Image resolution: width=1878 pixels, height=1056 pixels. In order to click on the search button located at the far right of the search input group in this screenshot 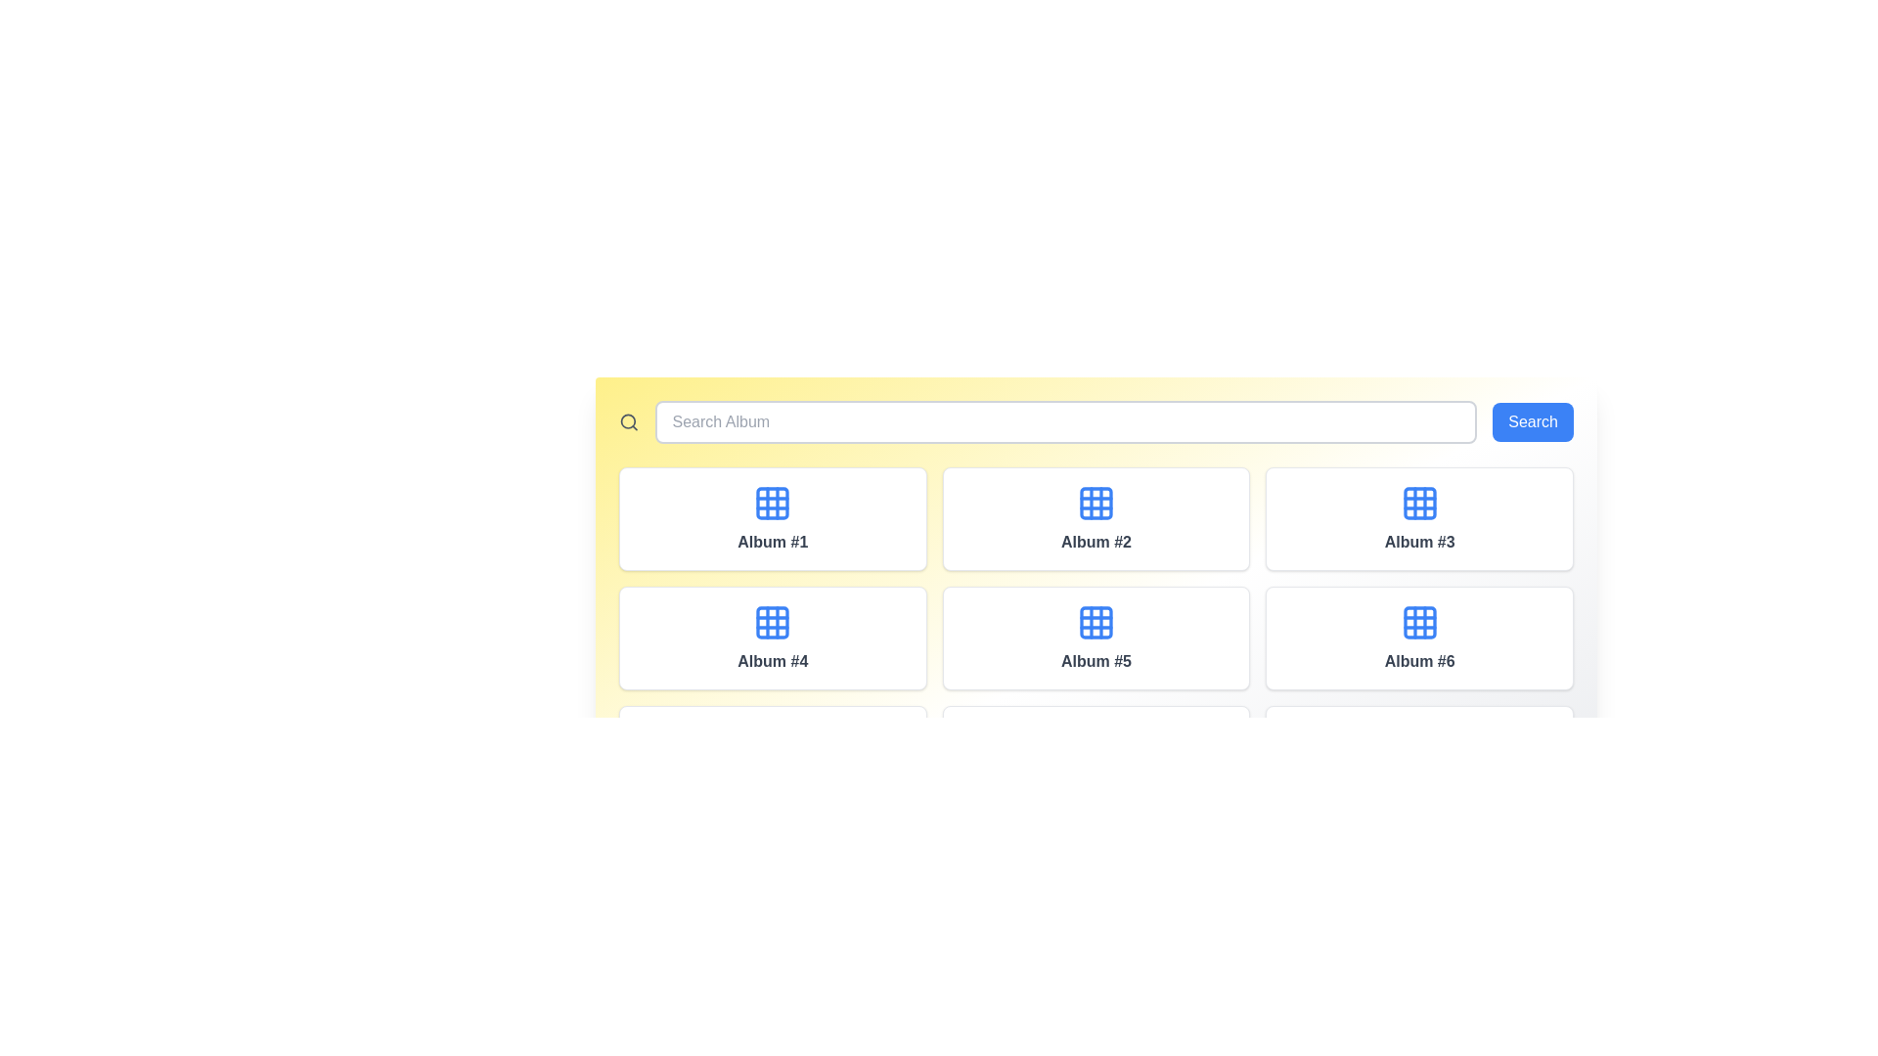, I will do `click(1532, 421)`.